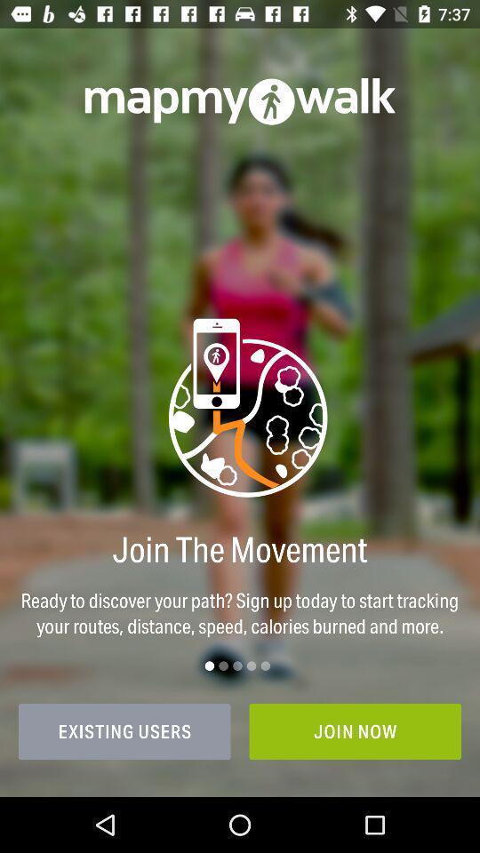 This screenshot has width=480, height=853. Describe the element at coordinates (124, 731) in the screenshot. I see `icon next to the join now item` at that location.